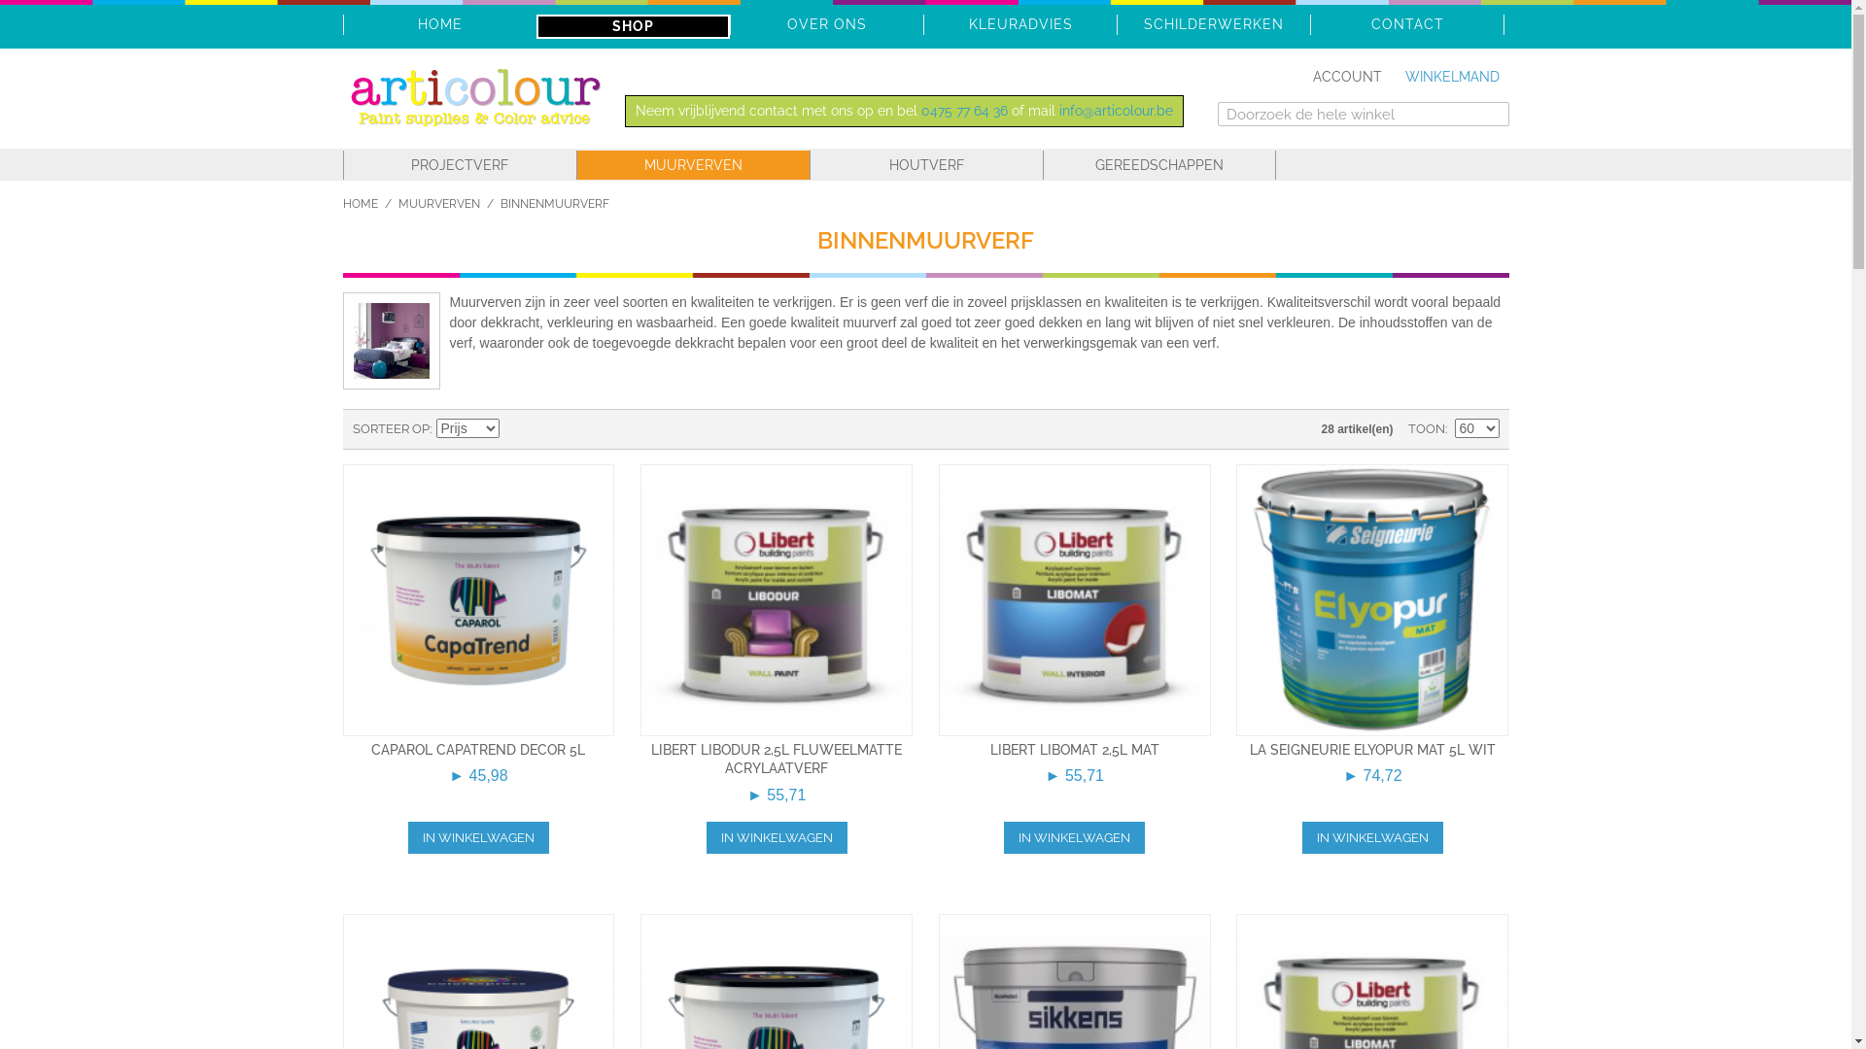  Describe the element at coordinates (826, 23) in the screenshot. I see `'OVER ONS'` at that location.